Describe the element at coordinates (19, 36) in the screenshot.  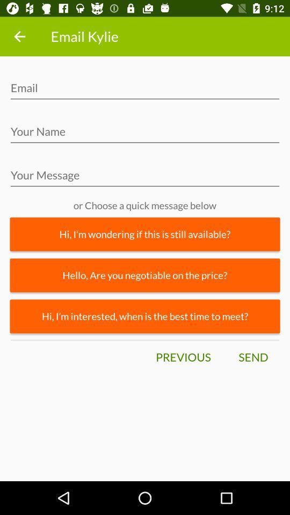
I see `icon to the left of the email kylie` at that location.